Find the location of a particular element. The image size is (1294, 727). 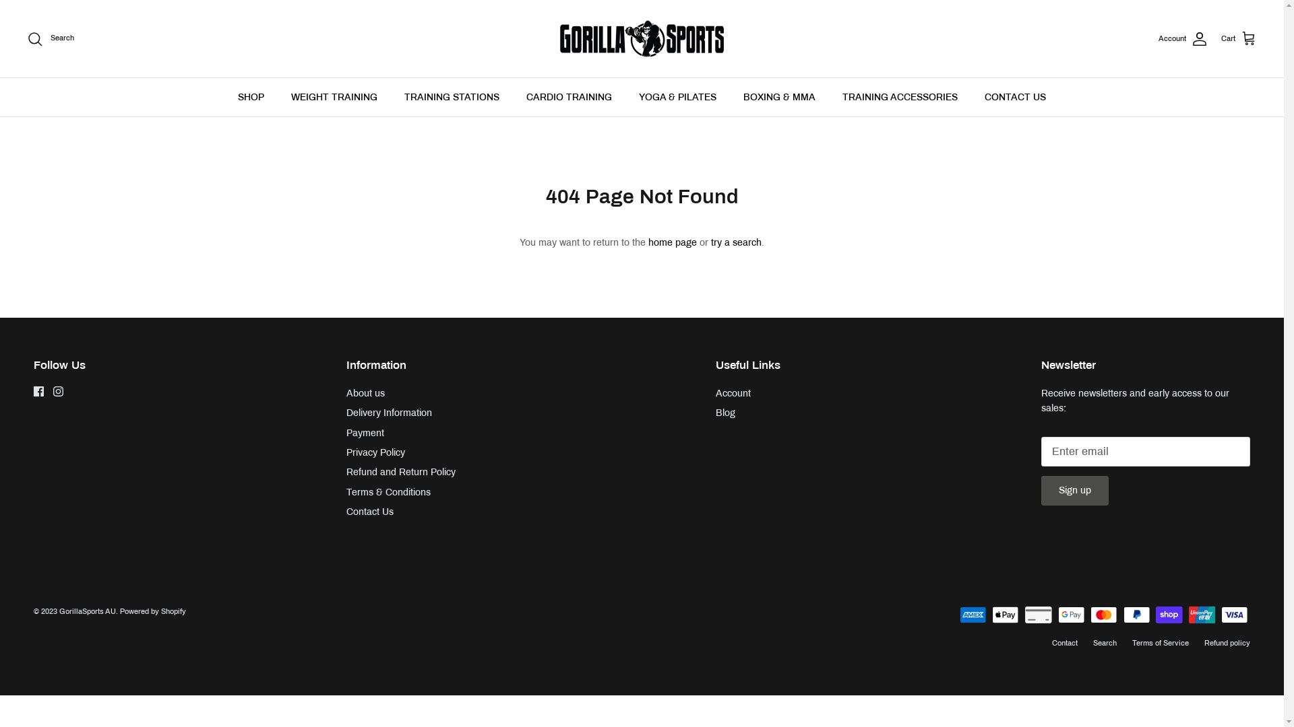

'SHOP' is located at coordinates (251, 96).